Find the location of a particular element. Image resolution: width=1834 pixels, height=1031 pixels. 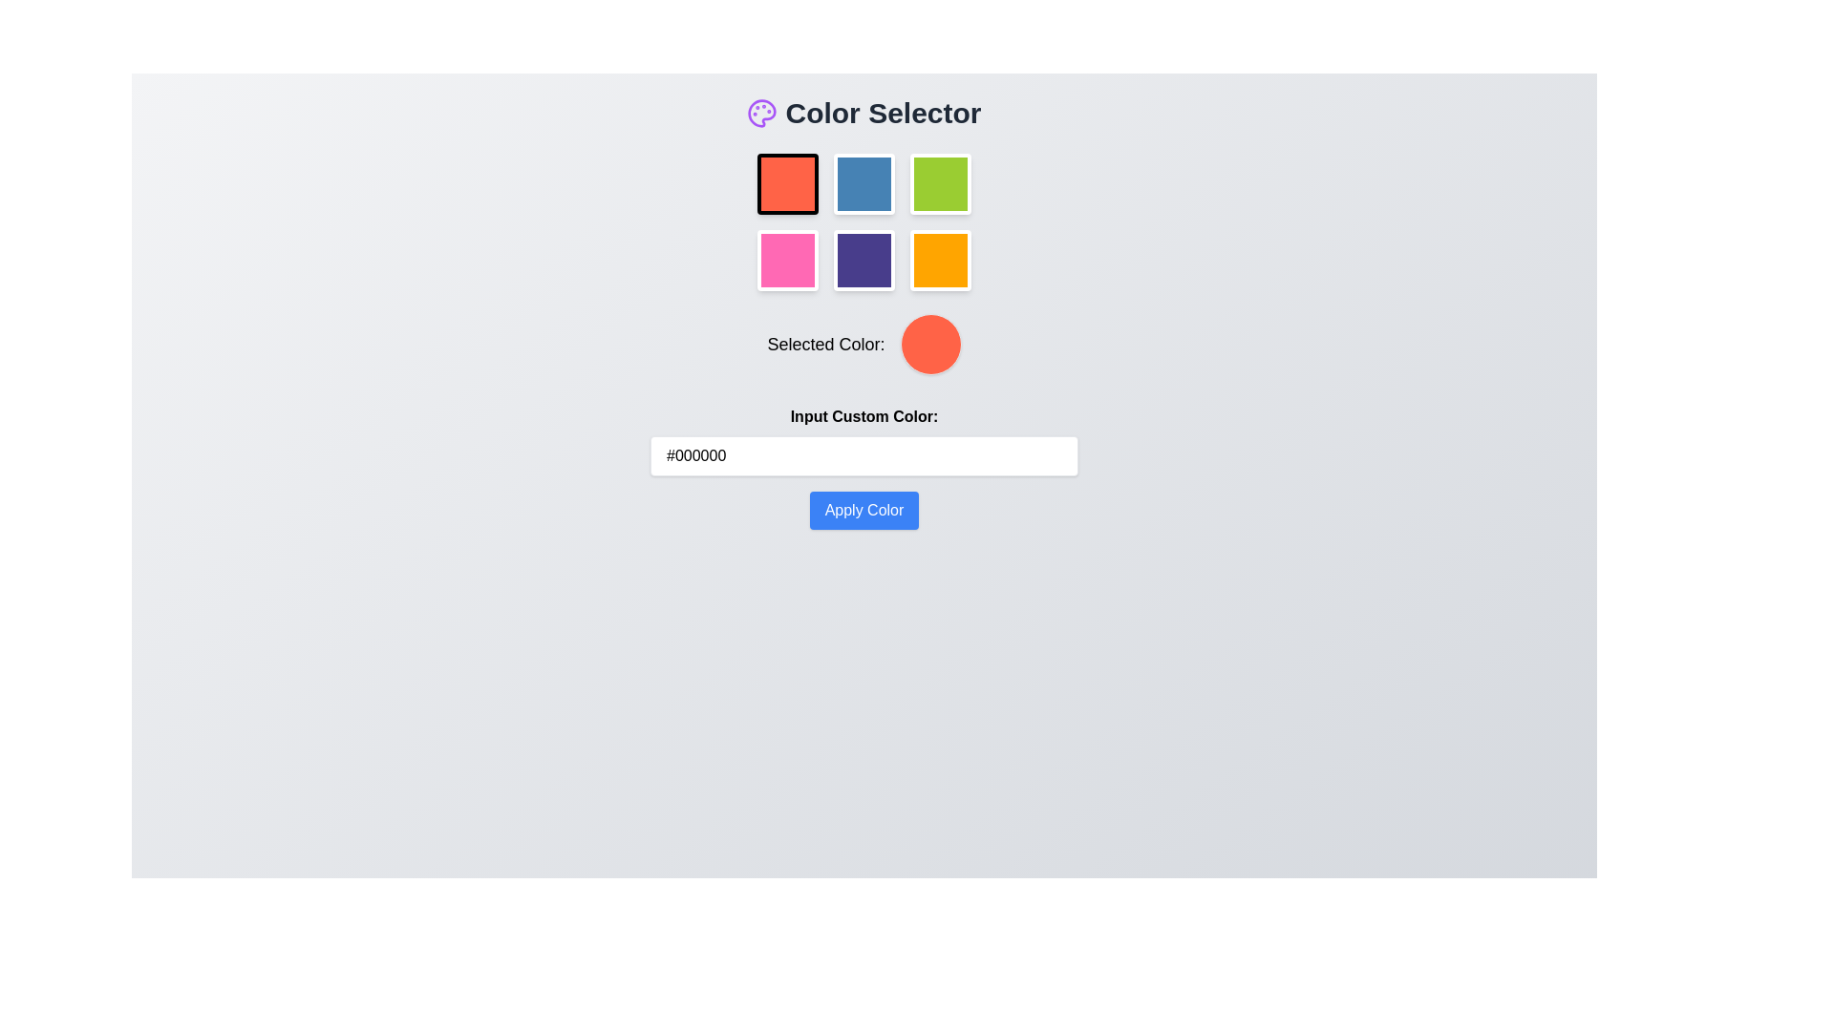

the text label located on the lower part of the color selection interface, which indicates the purpose of the adjacent color preview element is located at coordinates (825, 345).